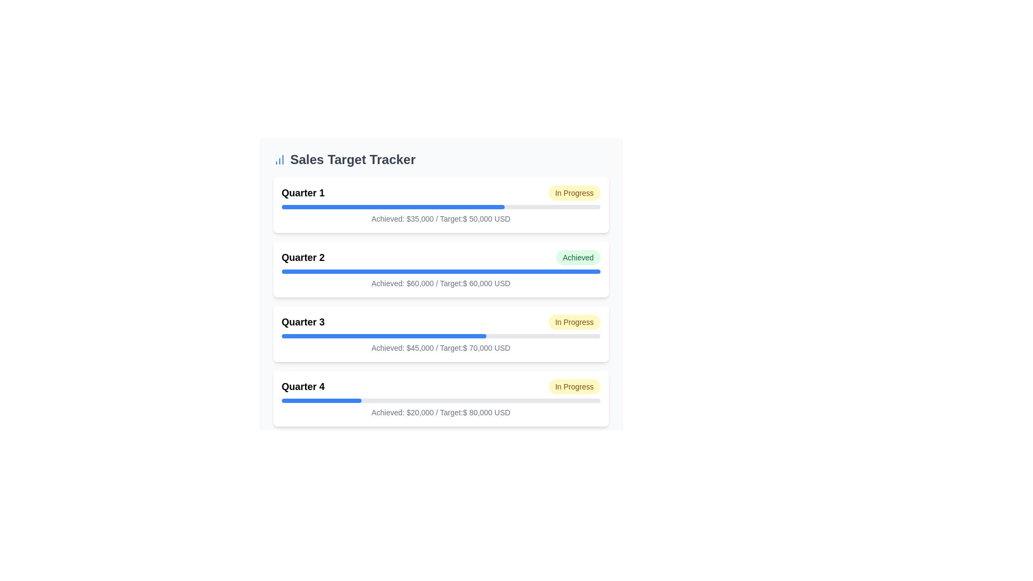 The height and width of the screenshot is (581, 1033). I want to click on the Progress Bar Segment for Quarter 3, which is a blue-filled horizontal progress bar within a gray bar, situated between the quarter's numerical representation and its monetary goals, so click(384, 335).